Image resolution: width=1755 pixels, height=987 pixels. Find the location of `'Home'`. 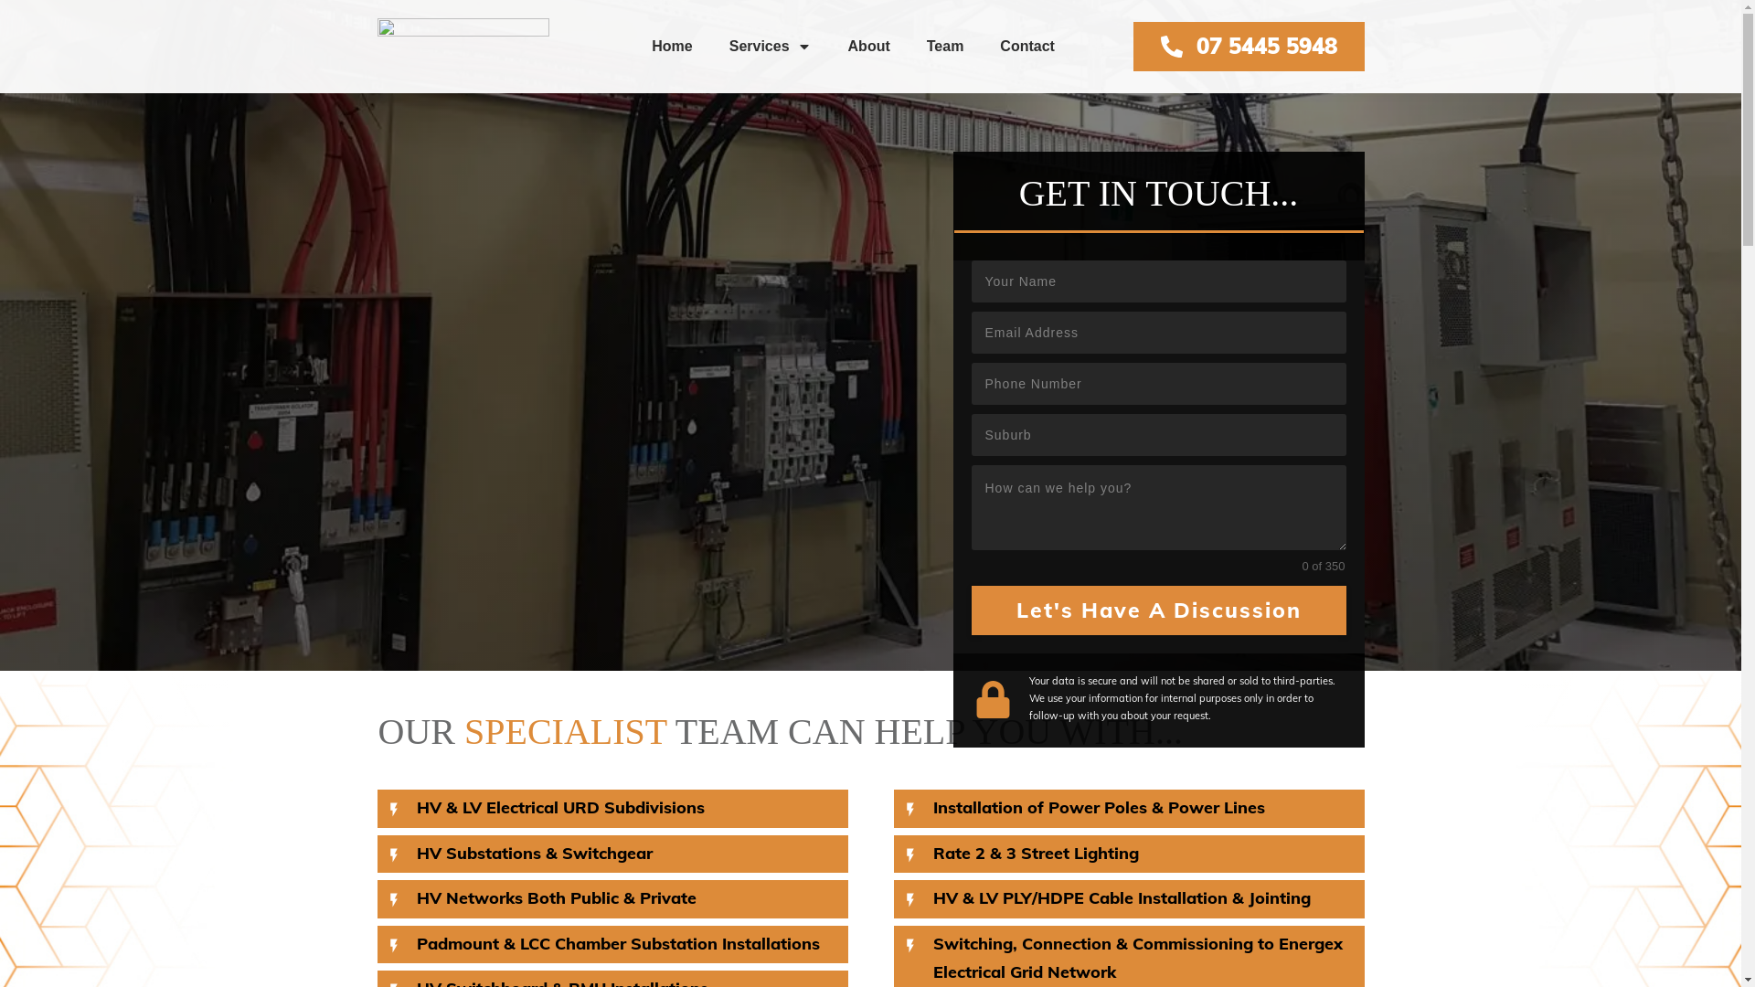

'Home' is located at coordinates (652, 45).